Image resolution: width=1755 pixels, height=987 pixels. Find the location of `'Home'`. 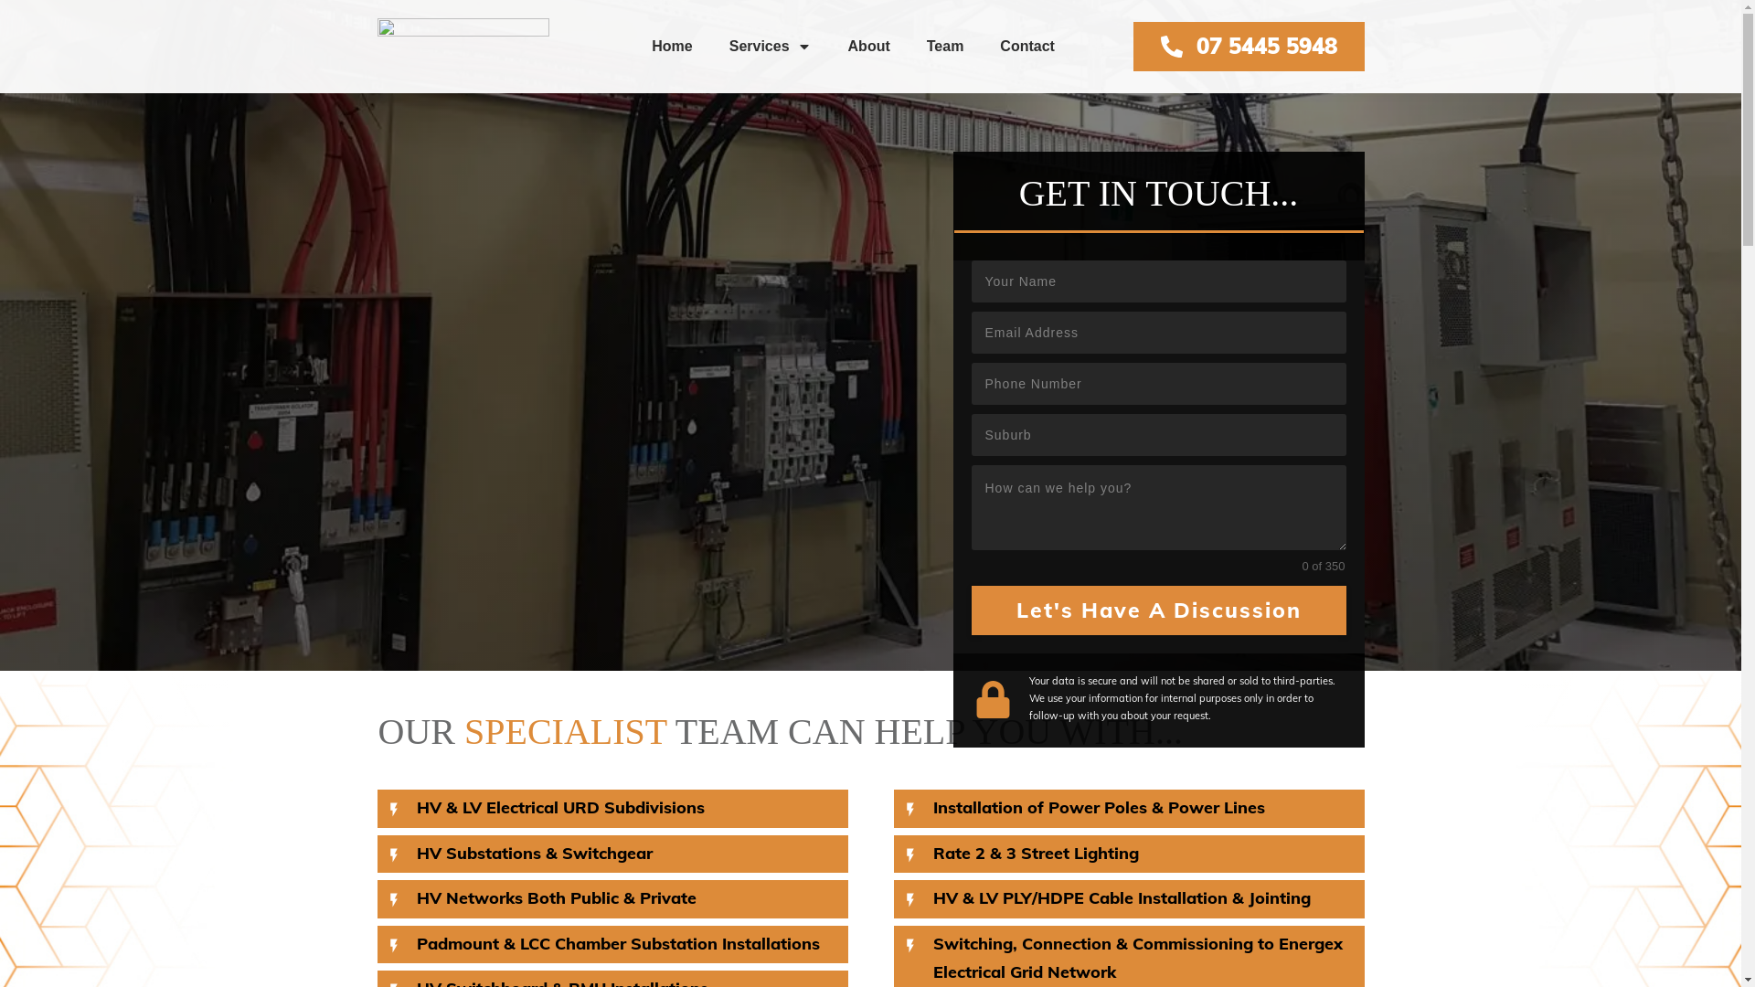

'Home' is located at coordinates (652, 45).